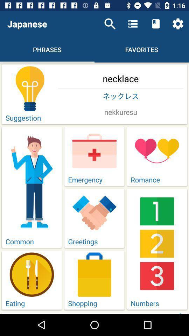 The height and width of the screenshot is (336, 189). What do you see at coordinates (110, 24) in the screenshot?
I see `icon above necklace` at bounding box center [110, 24].